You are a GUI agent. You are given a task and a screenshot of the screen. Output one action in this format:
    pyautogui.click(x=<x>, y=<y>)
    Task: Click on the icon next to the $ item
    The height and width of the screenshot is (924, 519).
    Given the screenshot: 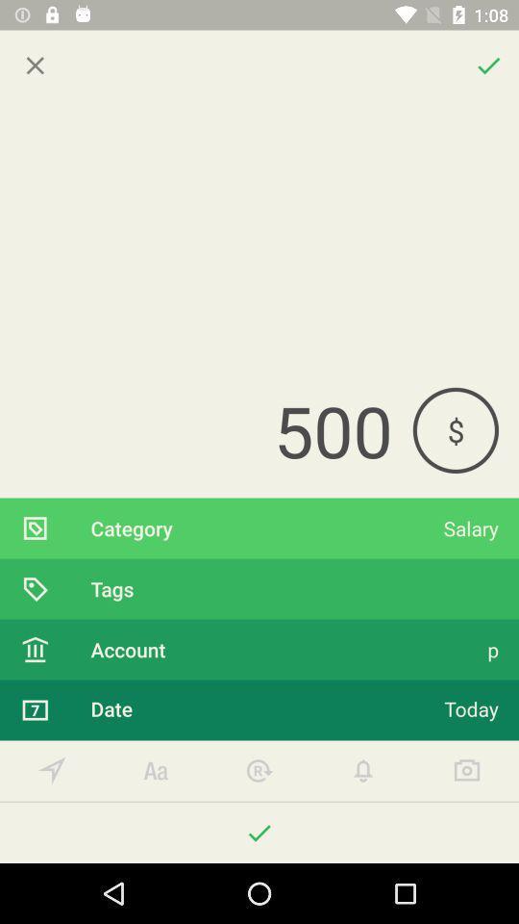 What is the action you would take?
    pyautogui.click(x=205, y=430)
    